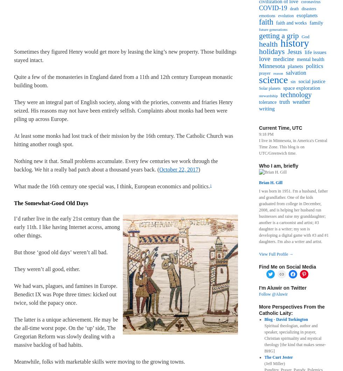  Describe the element at coordinates (286, 15) in the screenshot. I see `'evolution'` at that location.